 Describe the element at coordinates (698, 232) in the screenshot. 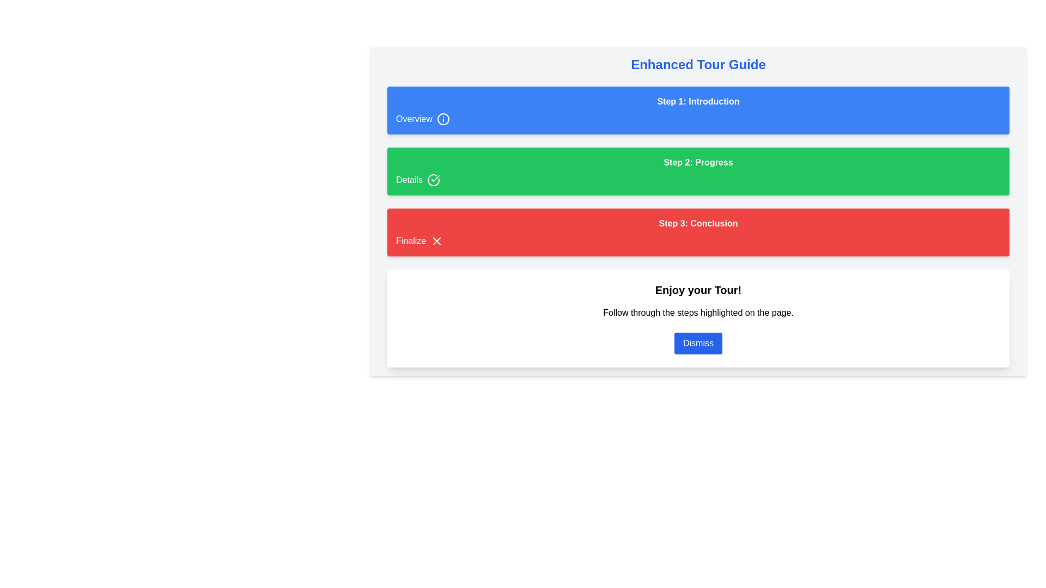

I see `the Guided step panel titled 'Conclusion' which represents Step 3 in the guided process` at that location.